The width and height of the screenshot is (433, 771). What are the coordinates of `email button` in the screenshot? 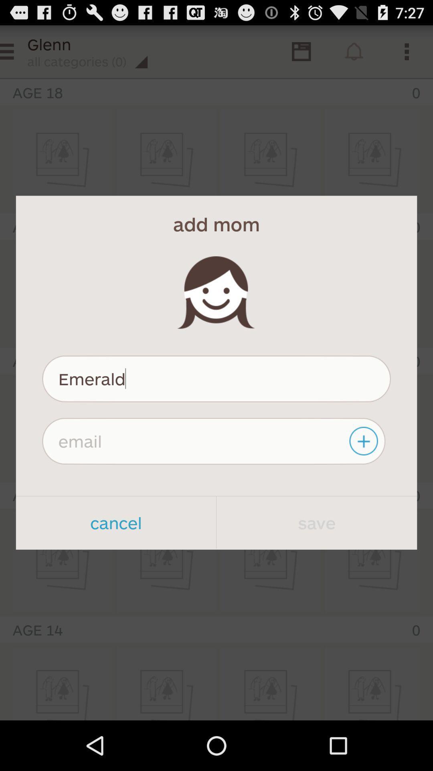 It's located at (364, 441).